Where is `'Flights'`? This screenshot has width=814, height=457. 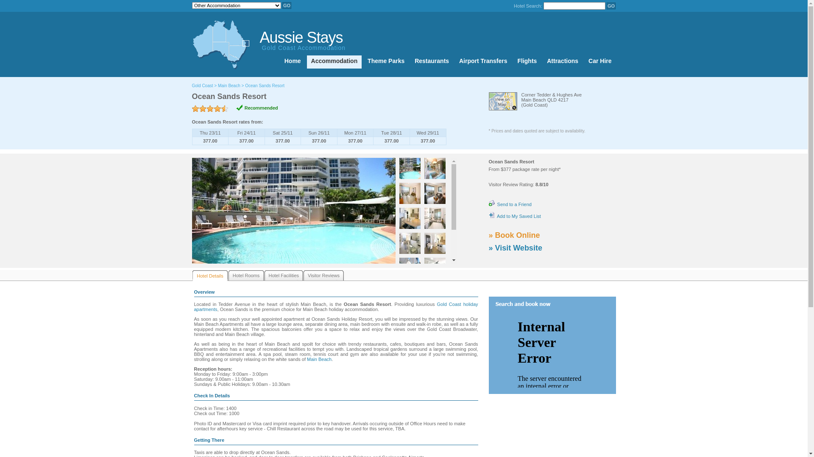 'Flights' is located at coordinates (527, 61).